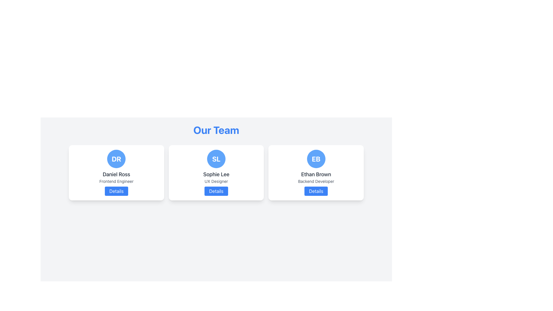 The image size is (553, 311). What do you see at coordinates (316, 181) in the screenshot?
I see `the static text label displaying 'Backend Developer' for 'Ethan Brown', located at the bottom middle of the card, directly above the 'Details' button` at bounding box center [316, 181].